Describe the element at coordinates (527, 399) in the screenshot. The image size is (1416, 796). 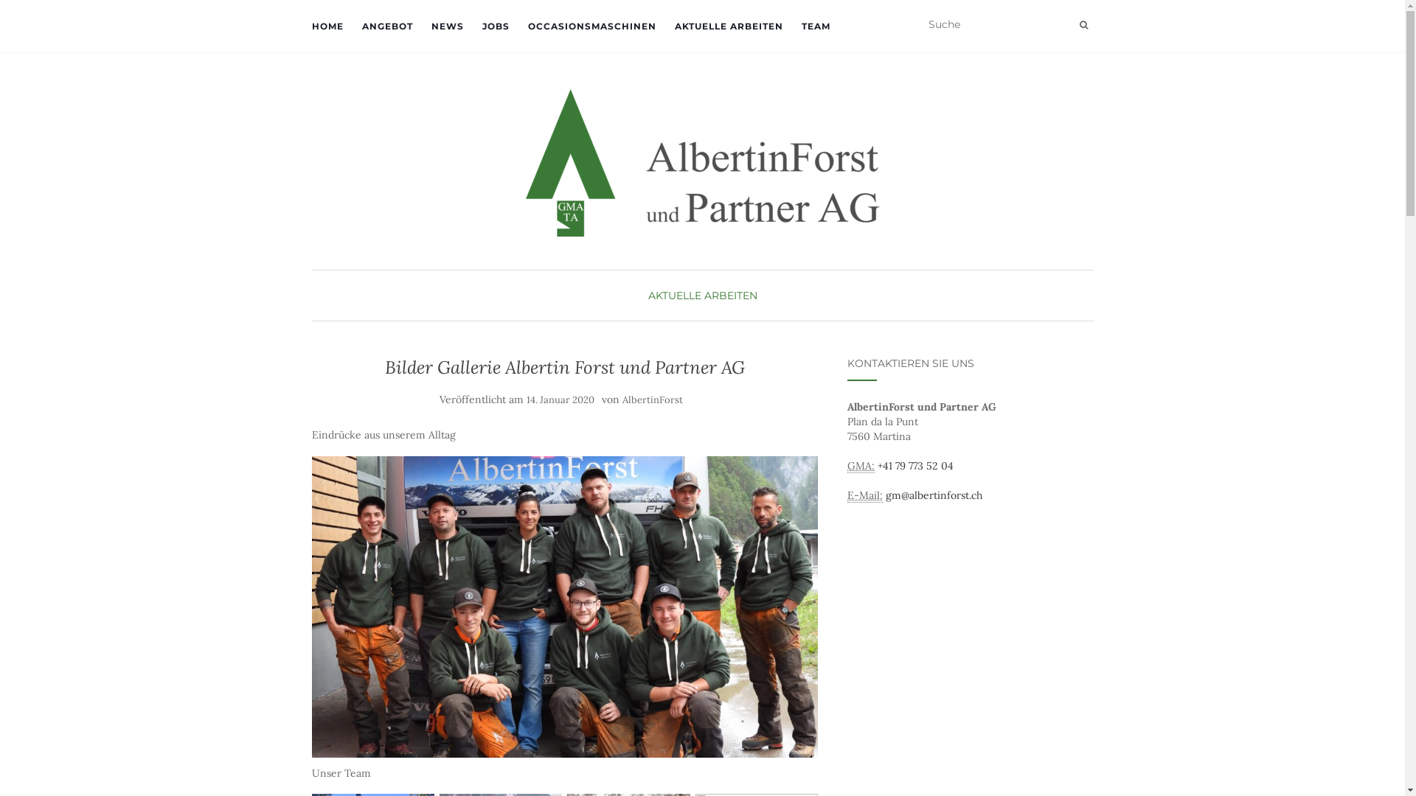
I see `'14. Januar 2020'` at that location.